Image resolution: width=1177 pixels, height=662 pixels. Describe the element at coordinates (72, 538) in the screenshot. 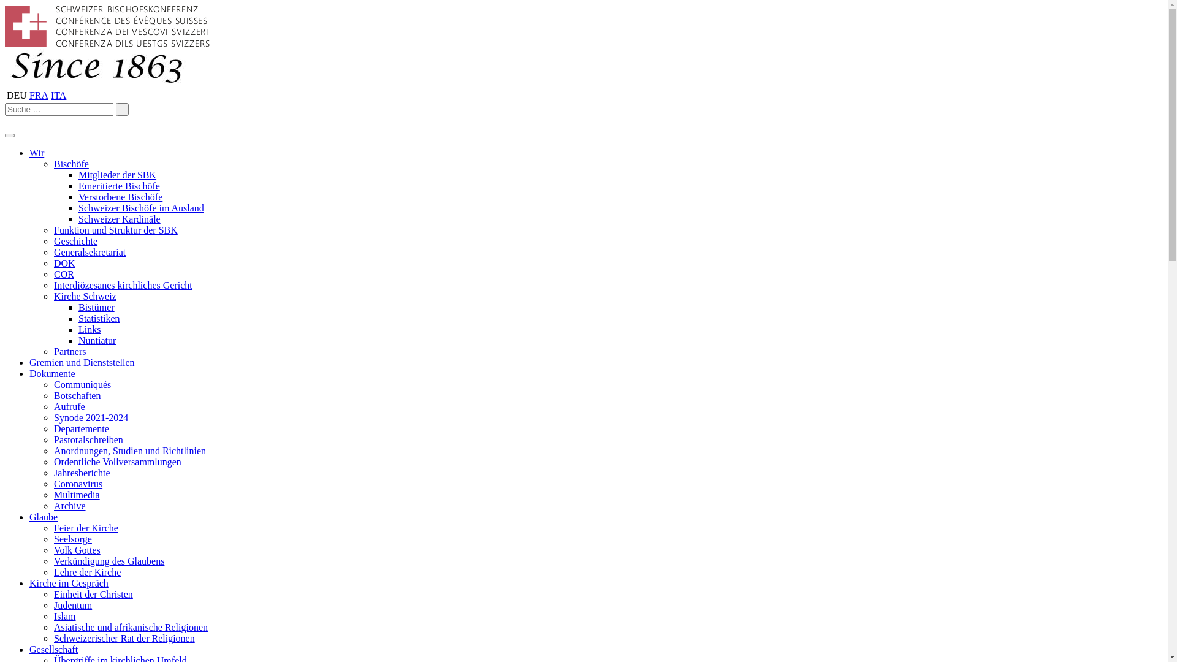

I see `'Seelsorge'` at that location.